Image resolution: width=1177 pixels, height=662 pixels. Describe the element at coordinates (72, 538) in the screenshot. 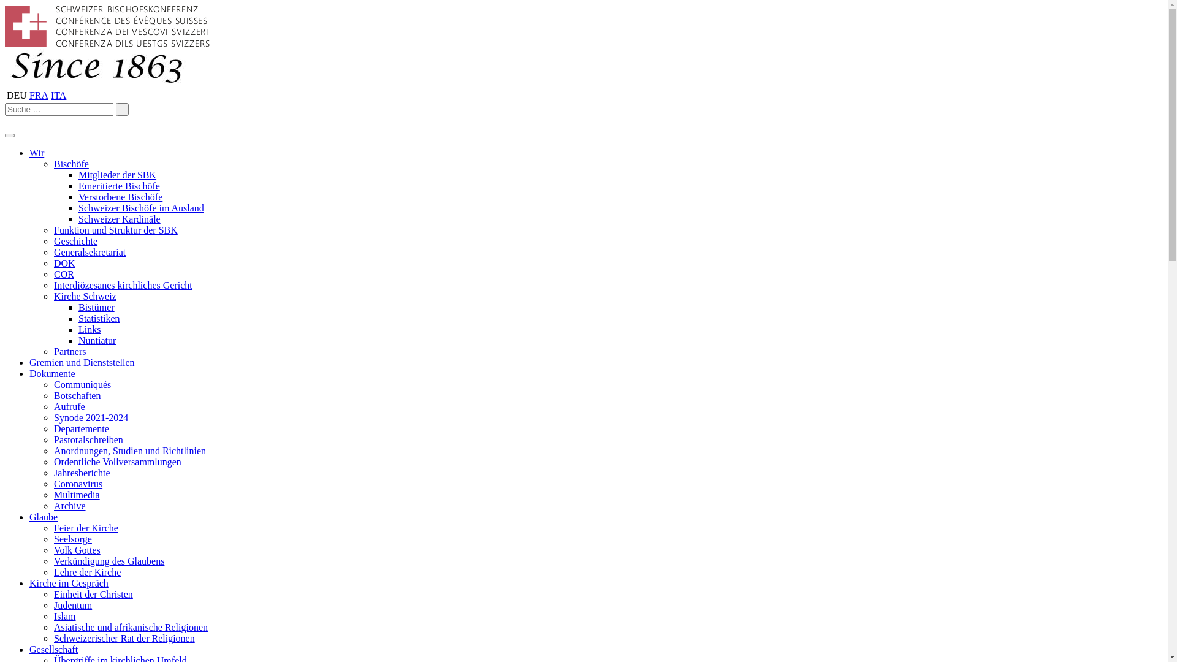

I see `'Seelsorge'` at that location.